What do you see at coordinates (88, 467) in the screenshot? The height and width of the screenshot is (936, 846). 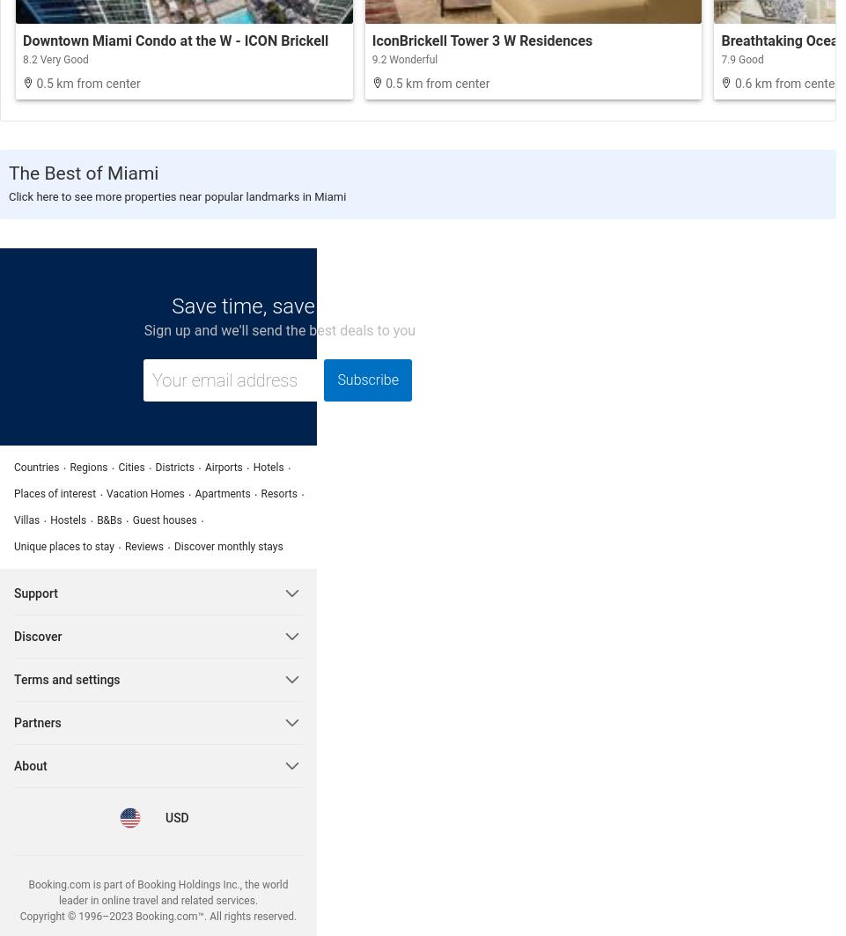 I see `'Regions'` at bounding box center [88, 467].